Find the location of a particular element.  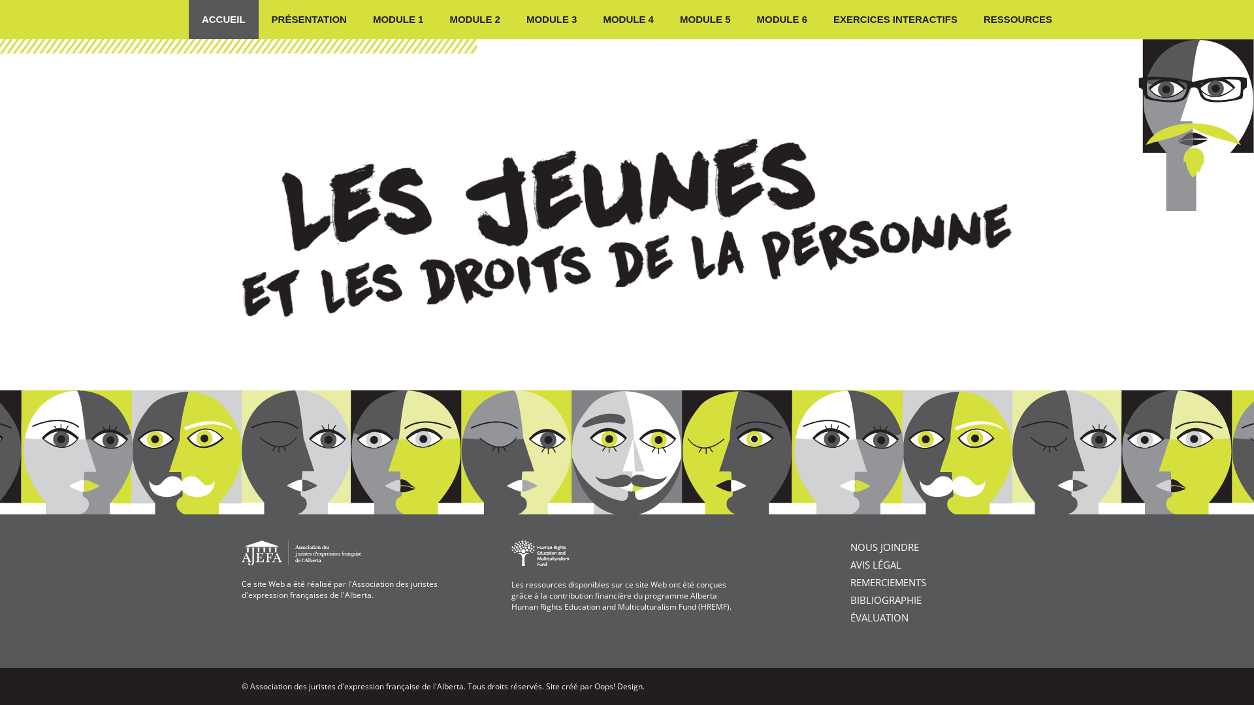

'MODULE 2' is located at coordinates (474, 20).